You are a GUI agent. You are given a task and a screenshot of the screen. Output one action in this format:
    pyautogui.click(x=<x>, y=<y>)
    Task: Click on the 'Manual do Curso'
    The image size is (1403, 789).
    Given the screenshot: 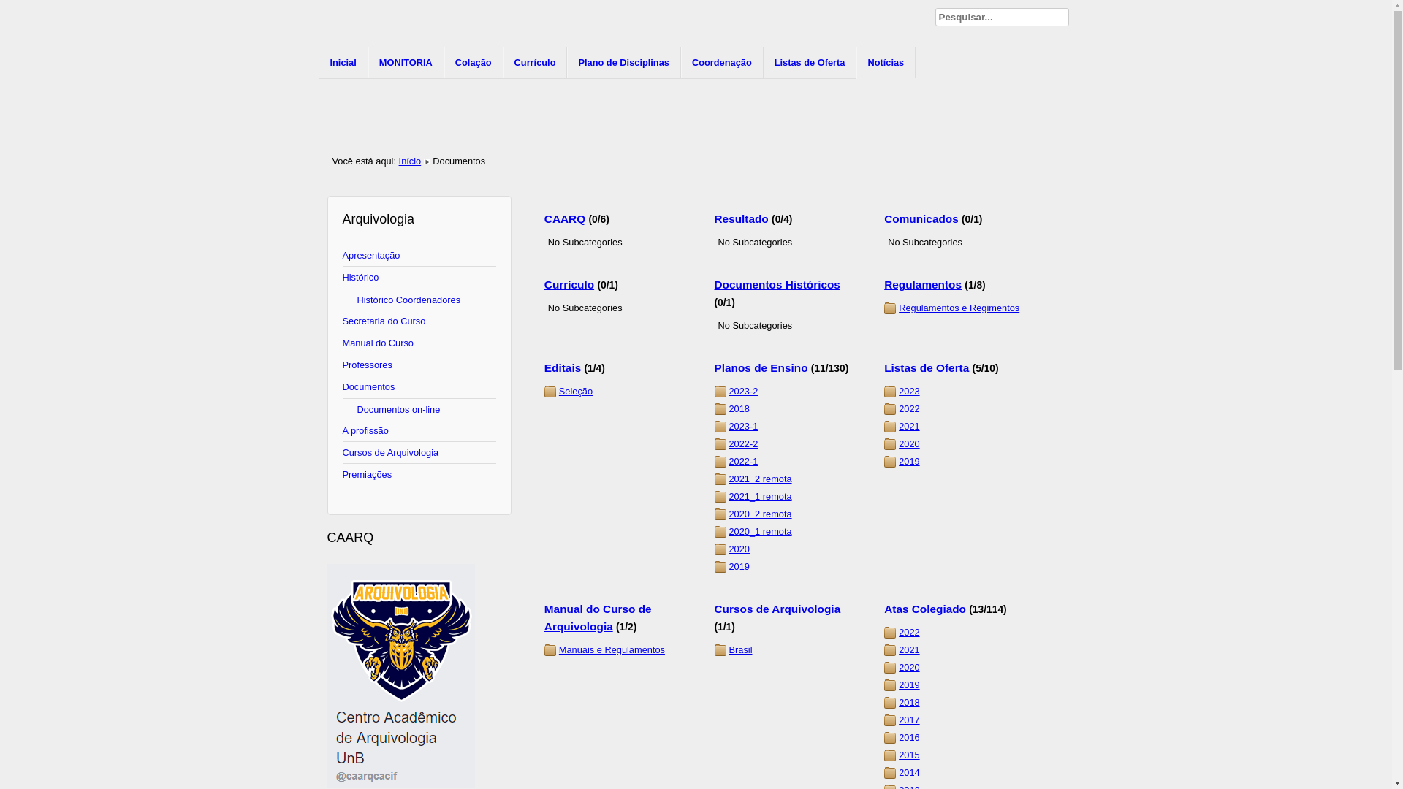 What is the action you would take?
    pyautogui.click(x=418, y=343)
    